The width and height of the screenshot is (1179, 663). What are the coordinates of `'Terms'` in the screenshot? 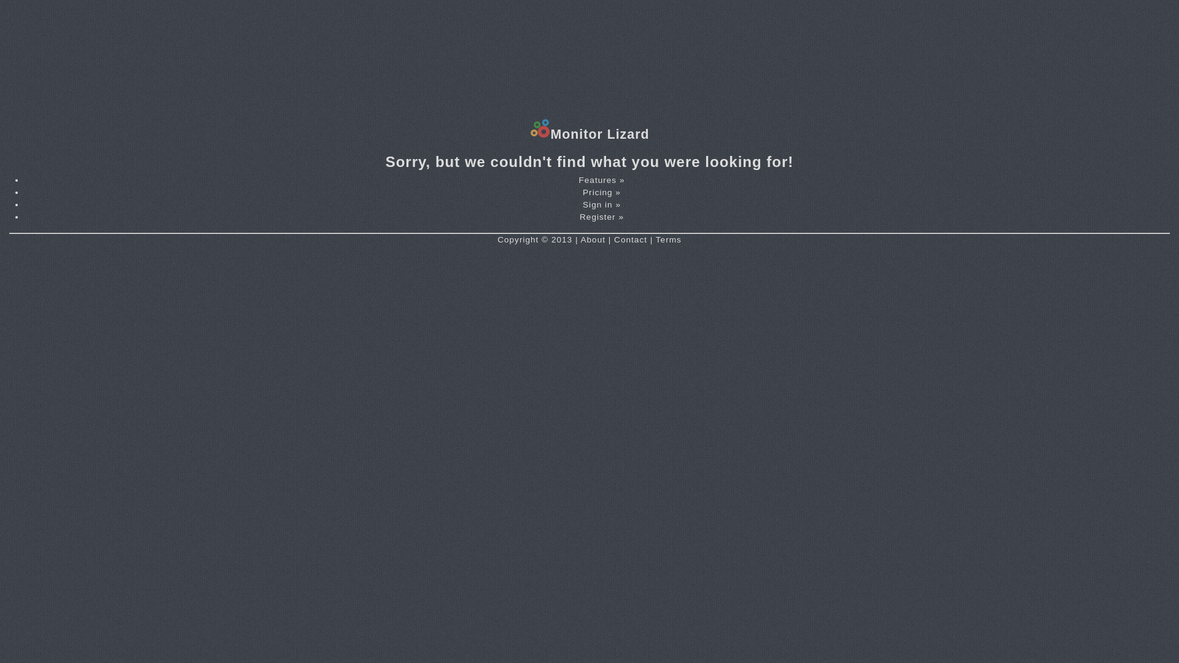 It's located at (655, 239).